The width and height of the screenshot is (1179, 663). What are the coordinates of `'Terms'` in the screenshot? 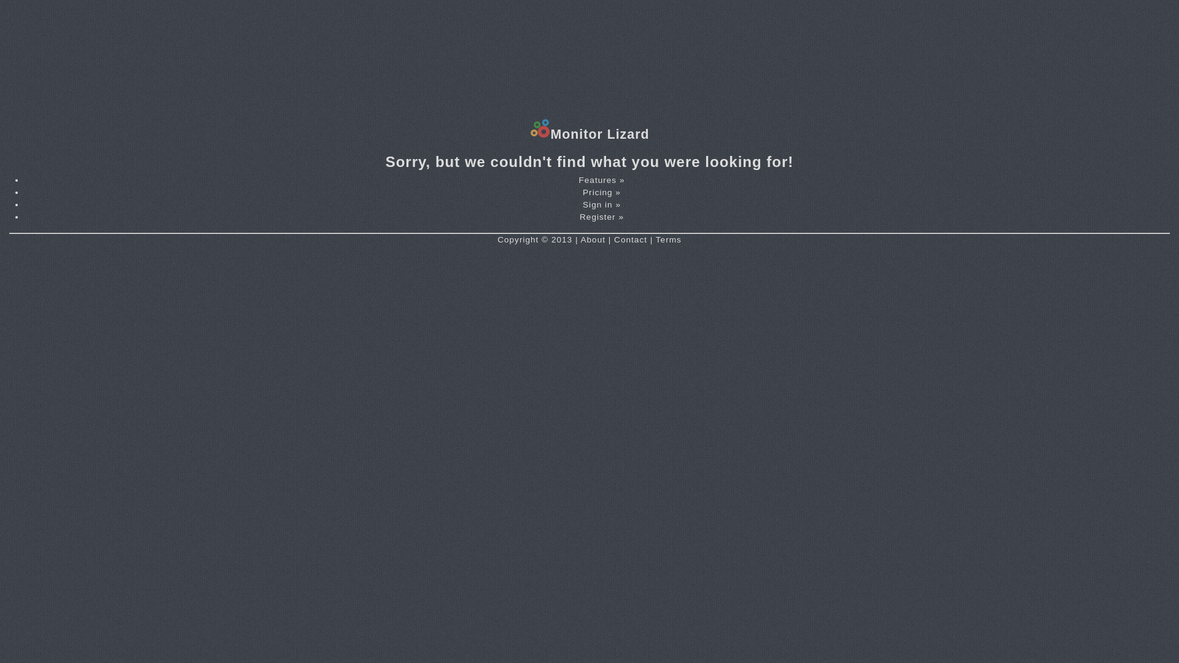 It's located at (655, 239).